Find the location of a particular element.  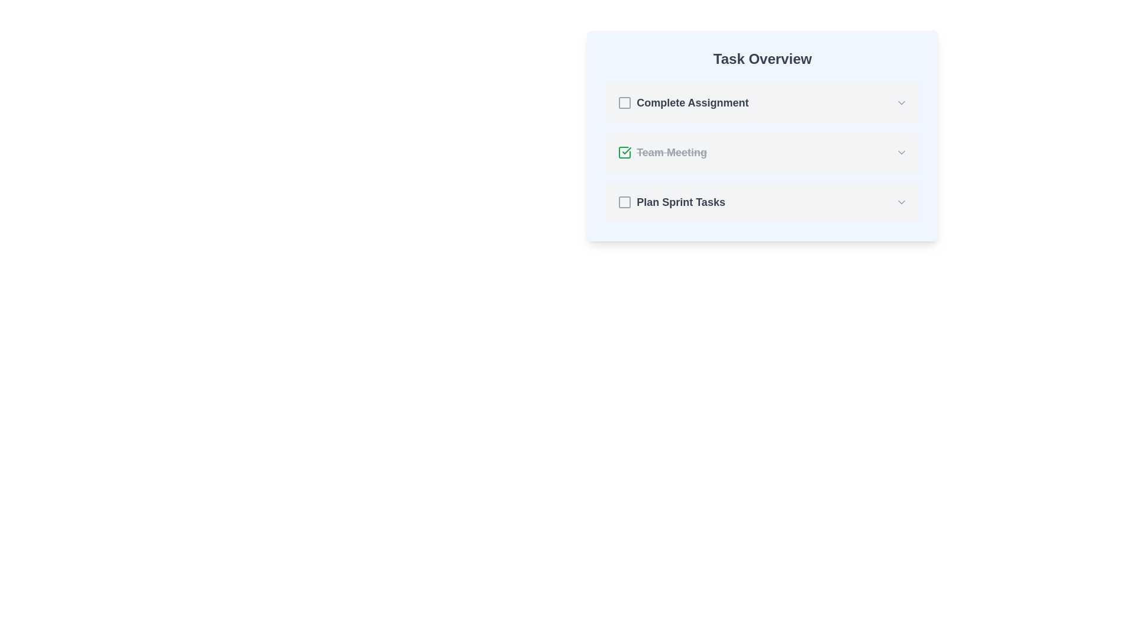

the chevron on the third task item in the checklist under 'Task Overview' is located at coordinates (763, 202).